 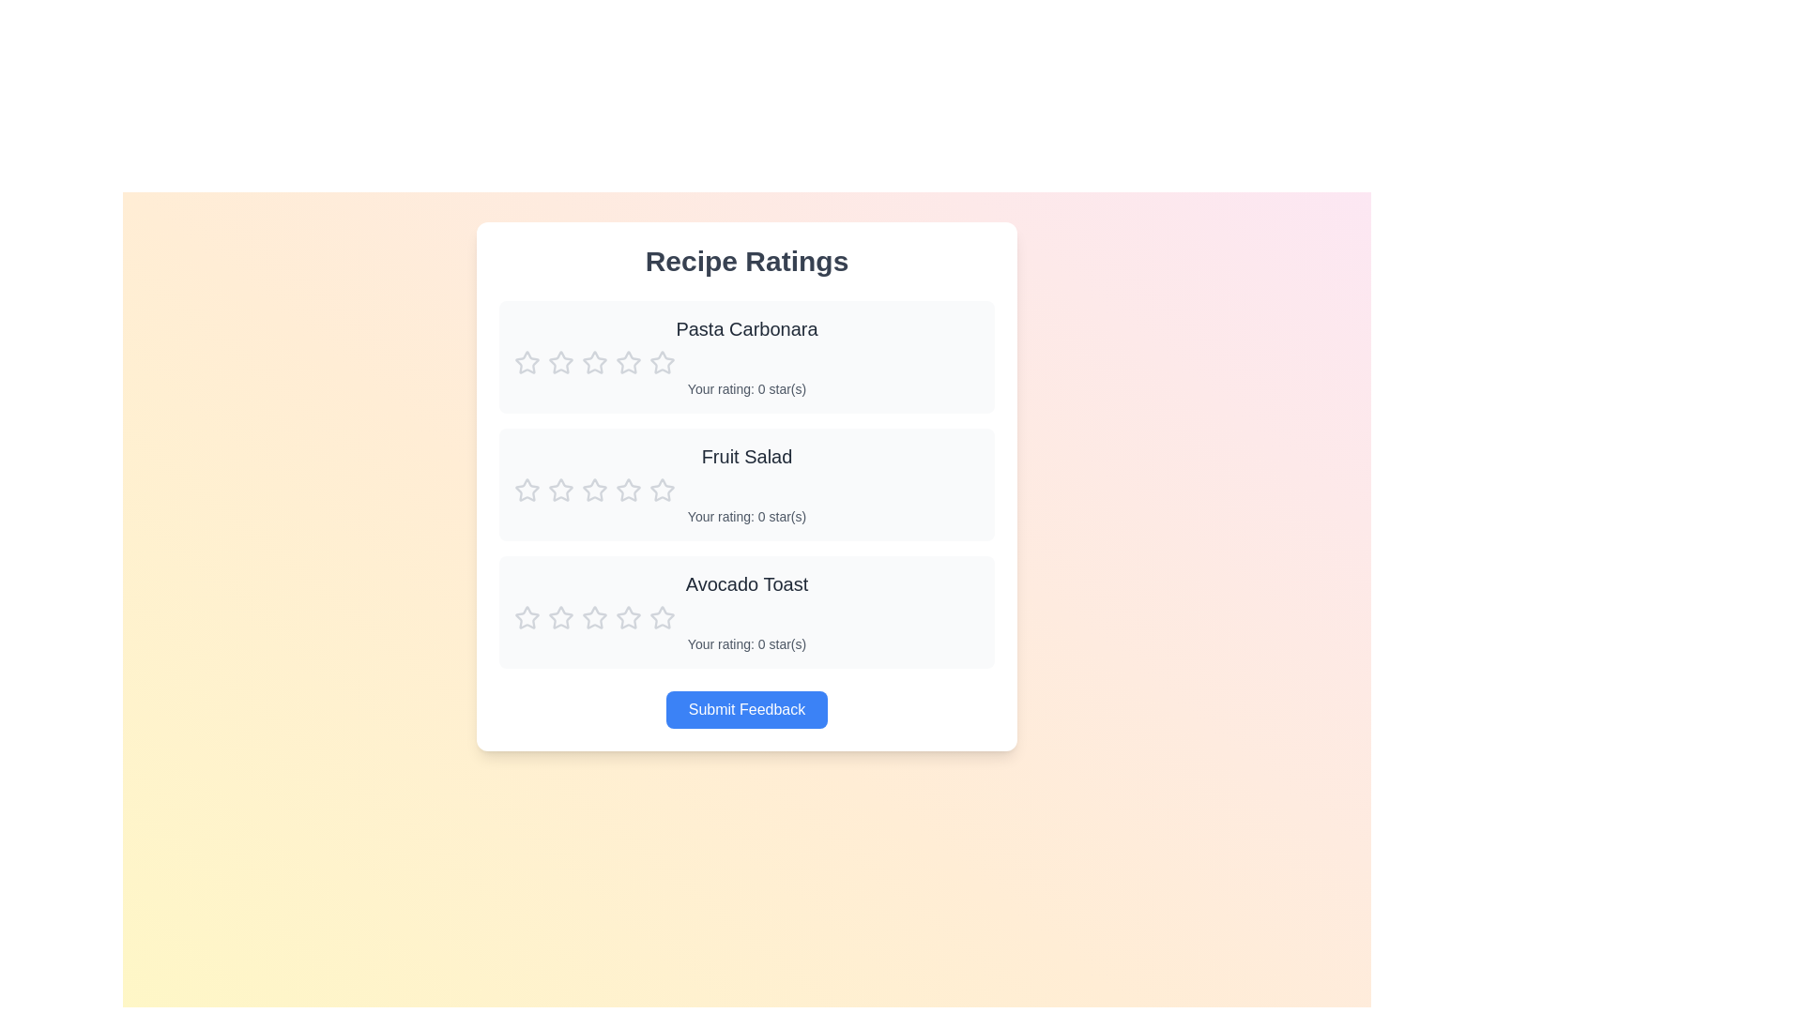 What do you see at coordinates (526, 489) in the screenshot?
I see `the first star icon in the five-star rating system for 'Fruit Salad'` at bounding box center [526, 489].